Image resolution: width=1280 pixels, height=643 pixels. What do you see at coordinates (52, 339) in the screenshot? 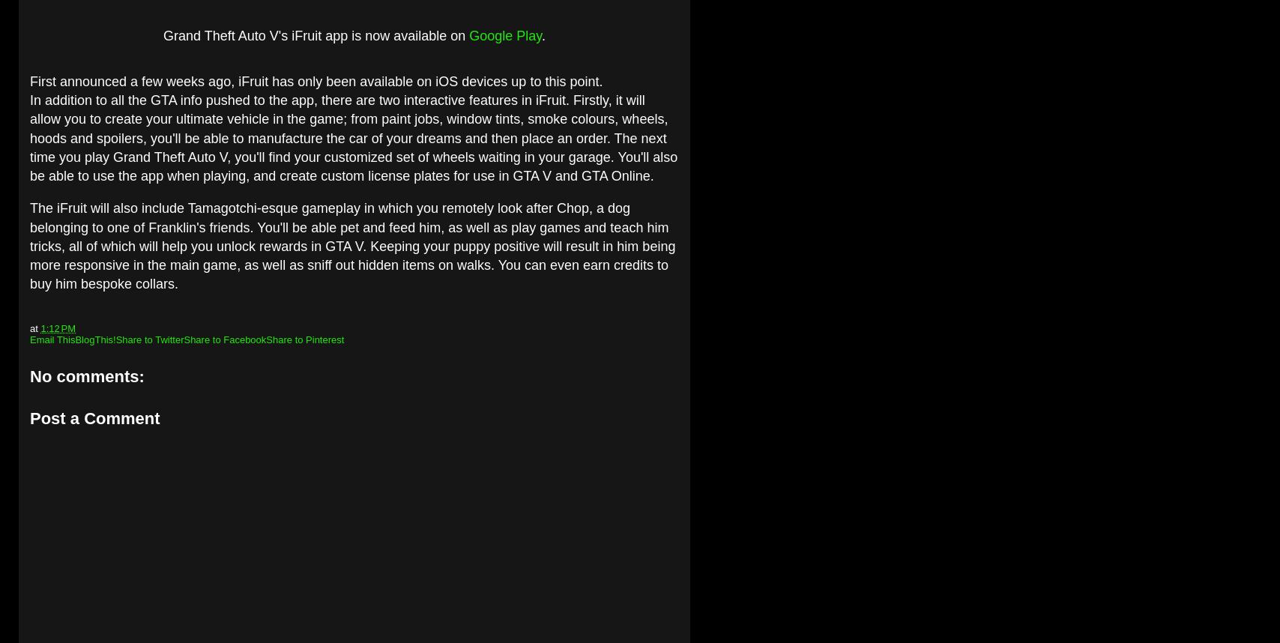
I see `'Email This'` at bounding box center [52, 339].